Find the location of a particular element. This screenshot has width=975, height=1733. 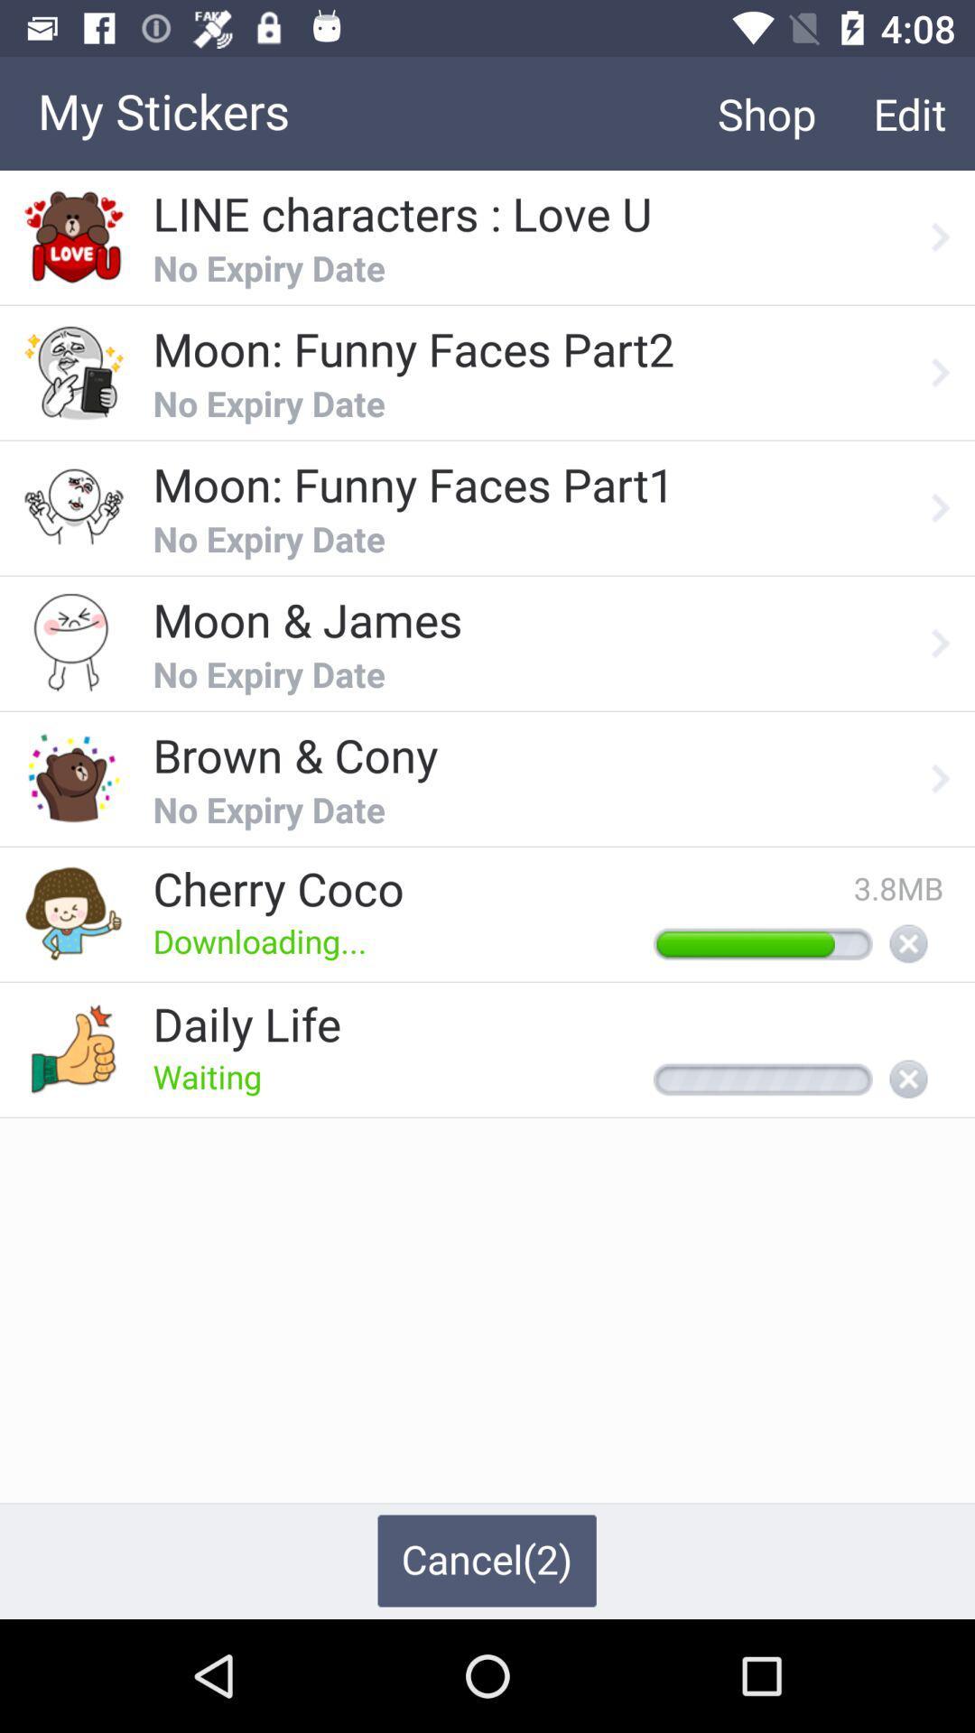

the app below waiting icon is located at coordinates (486, 1560).